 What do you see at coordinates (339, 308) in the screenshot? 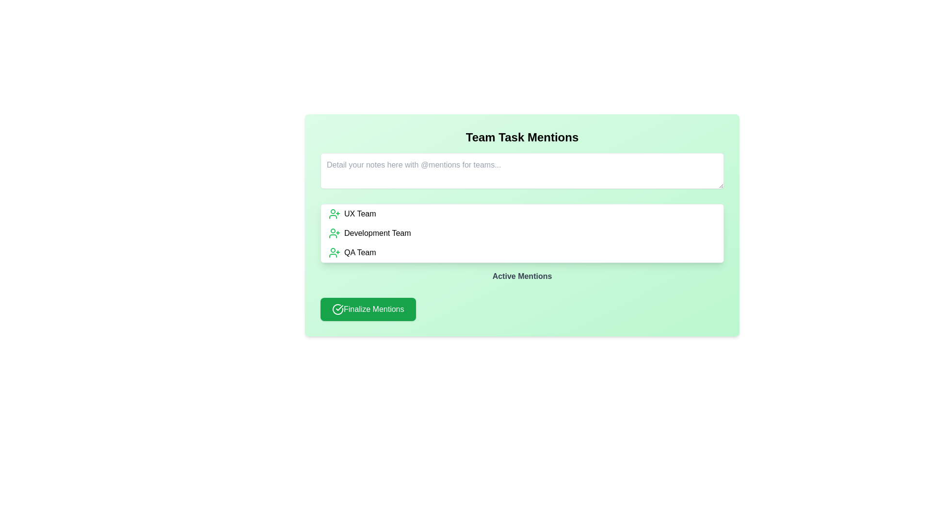
I see `the confirmation icon located at the bottom left corner of the 'Finalize Mentions' button, which indicates a successful action` at bounding box center [339, 308].